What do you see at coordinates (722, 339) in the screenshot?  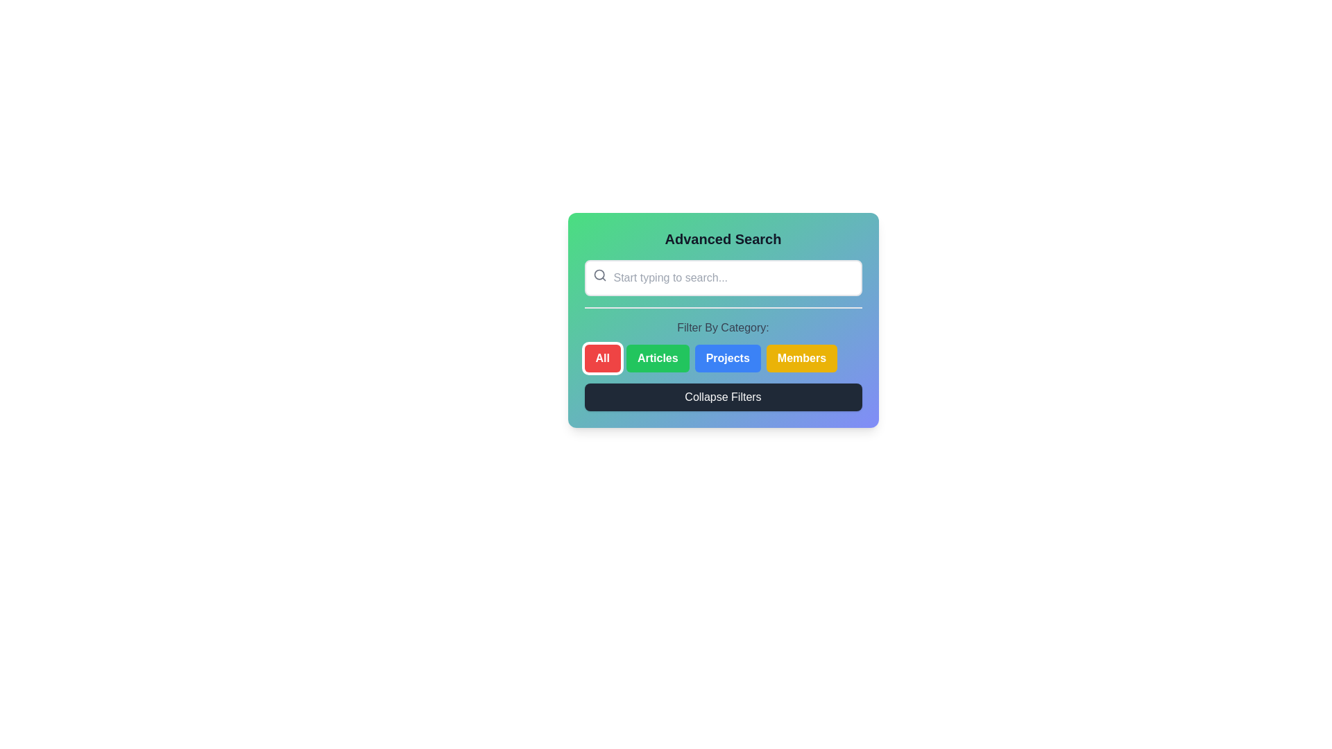 I see `the Filter component buttons located in the middle section of the card-like interface` at bounding box center [722, 339].